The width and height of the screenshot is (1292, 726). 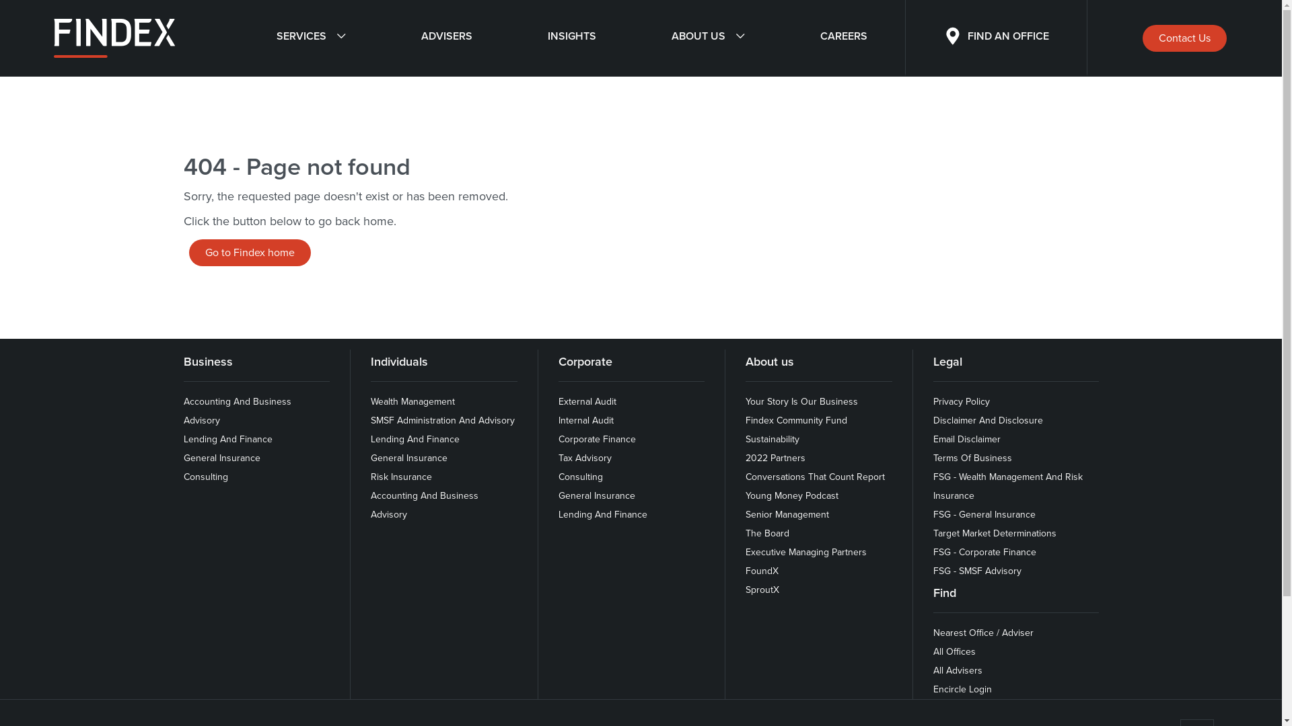 I want to click on 'Email Disclaimer', so click(x=966, y=439).